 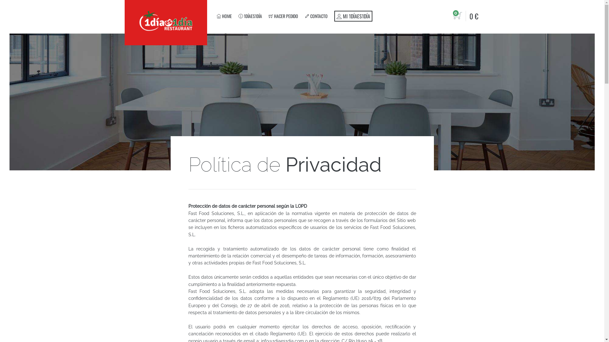 What do you see at coordinates (283, 16) in the screenshot?
I see `' HACER PEDIDO'` at bounding box center [283, 16].